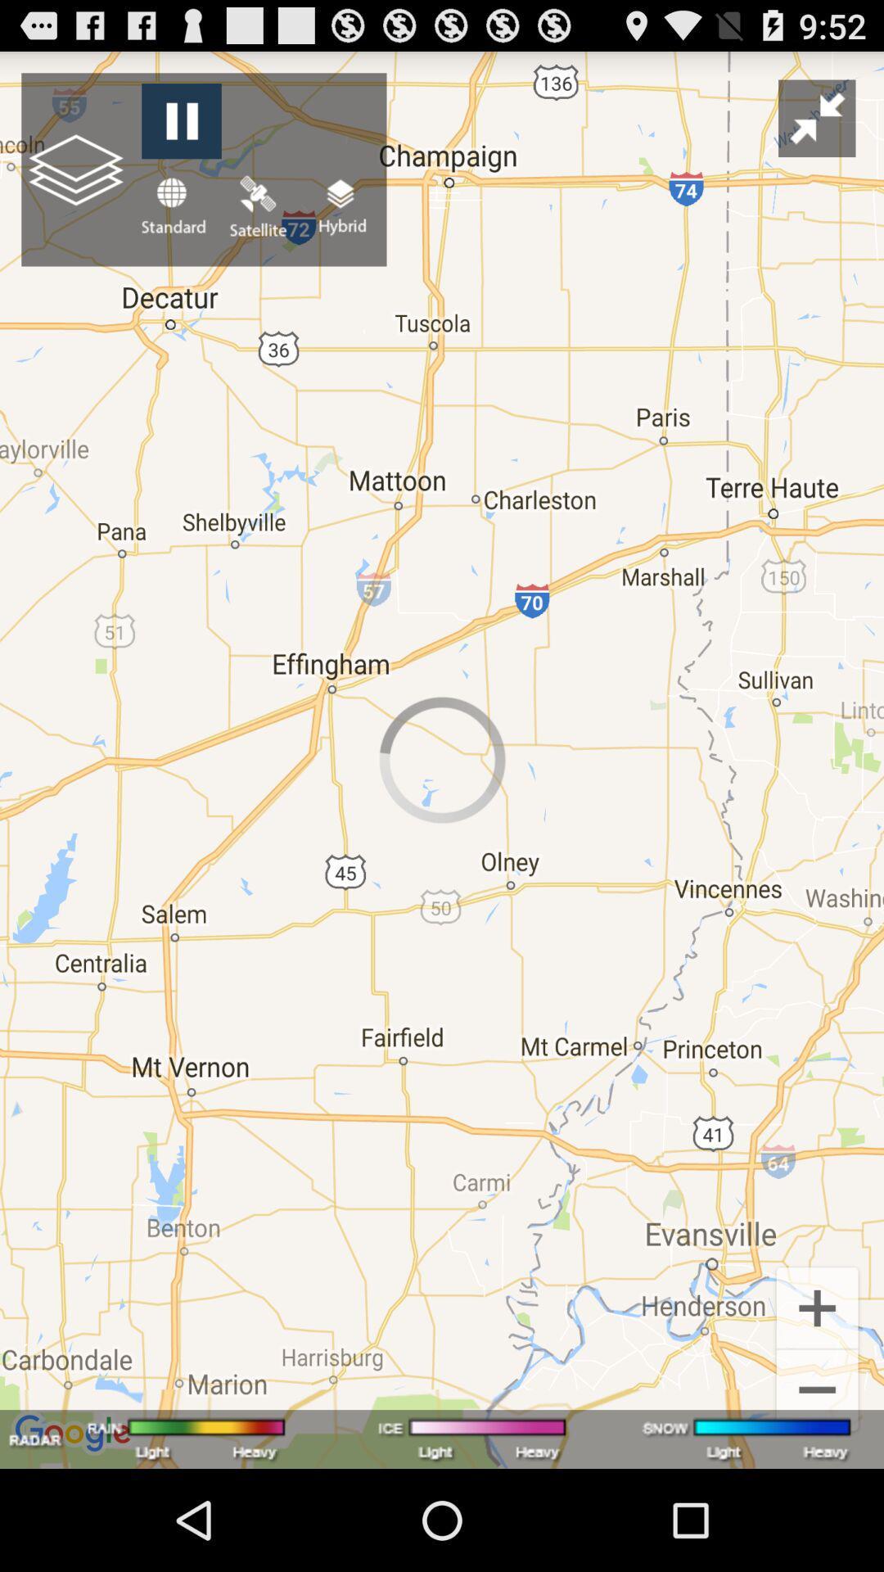 This screenshot has height=1572, width=884. What do you see at coordinates (817, 1398) in the screenshot?
I see `the add icon` at bounding box center [817, 1398].